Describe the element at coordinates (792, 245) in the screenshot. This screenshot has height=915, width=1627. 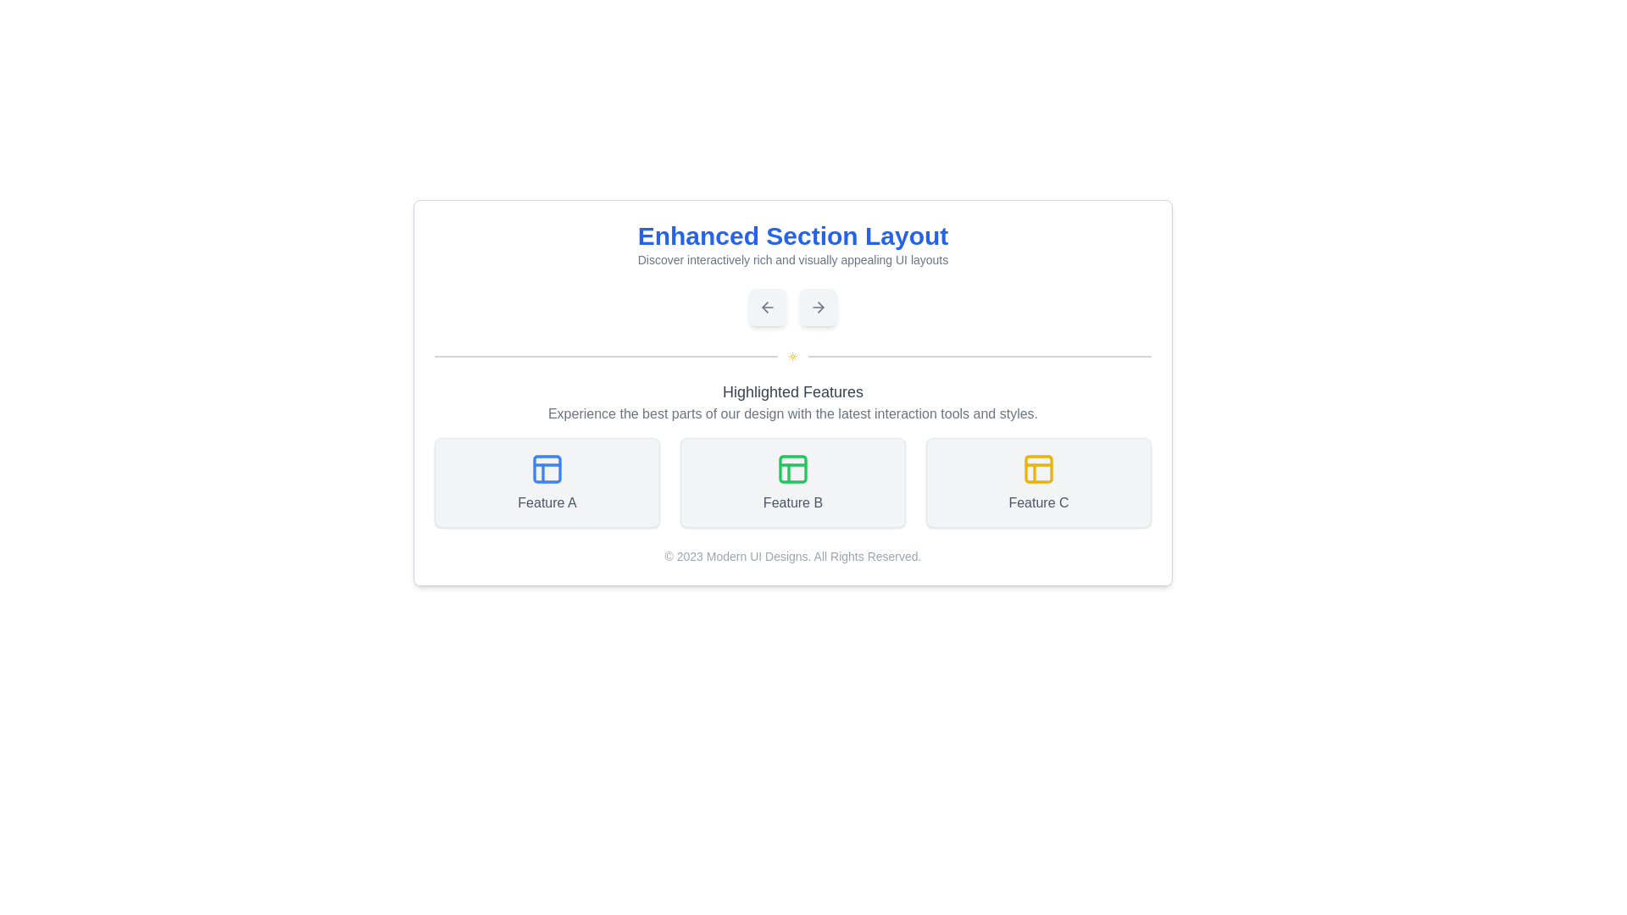
I see `the text block displaying the heading 'Enhanced Section Layout' with a subtitle describing interactive UI layouts` at that location.